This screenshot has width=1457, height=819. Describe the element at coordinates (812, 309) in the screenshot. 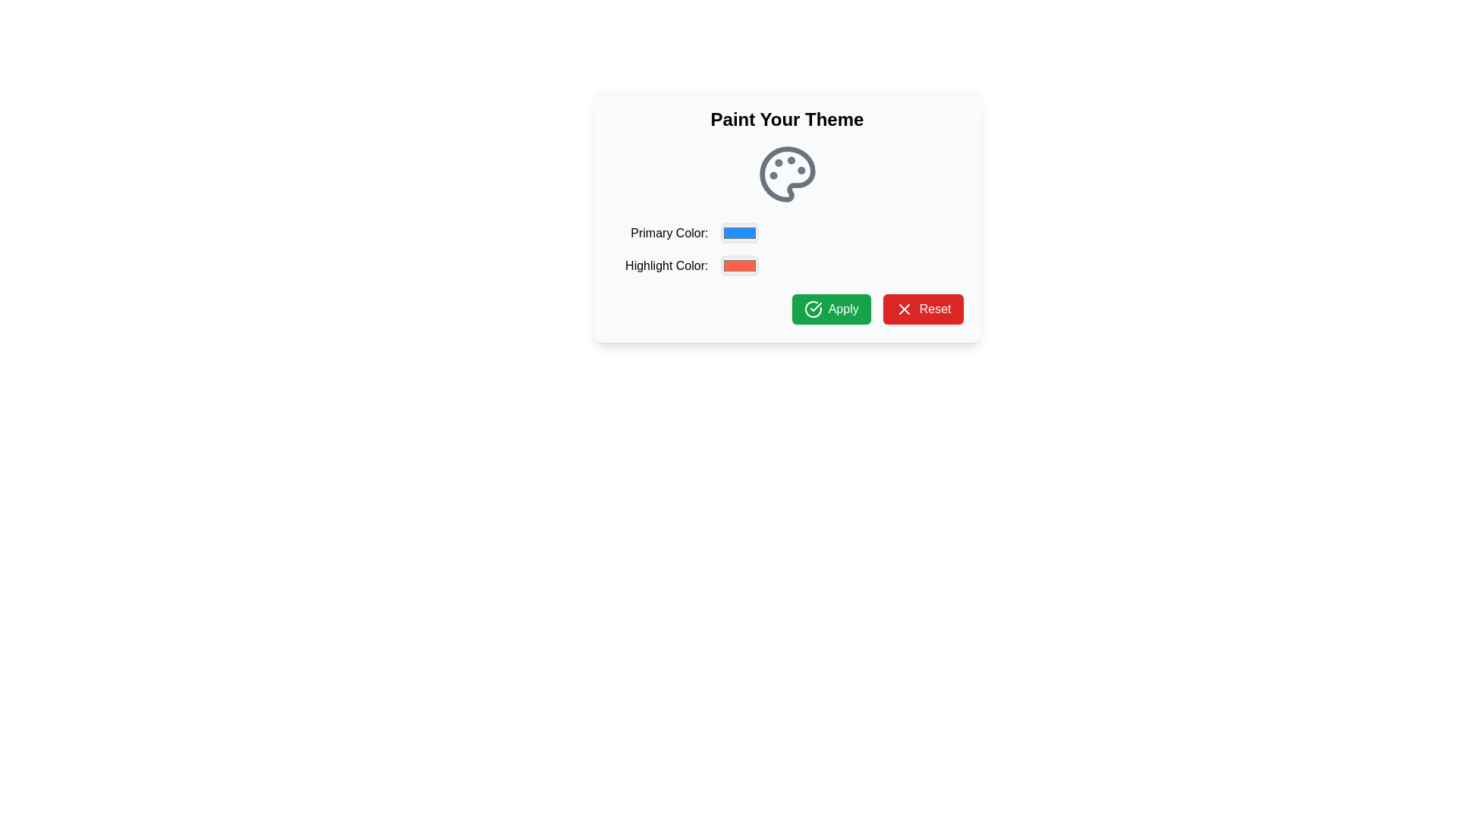

I see `the circular icon with a check mark inside, located to the left of the 'Apply' text within the green button` at that location.